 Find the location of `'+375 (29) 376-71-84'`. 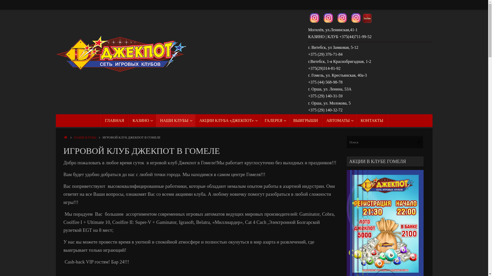

'+375 (29) 376-71-84' is located at coordinates (325, 54).